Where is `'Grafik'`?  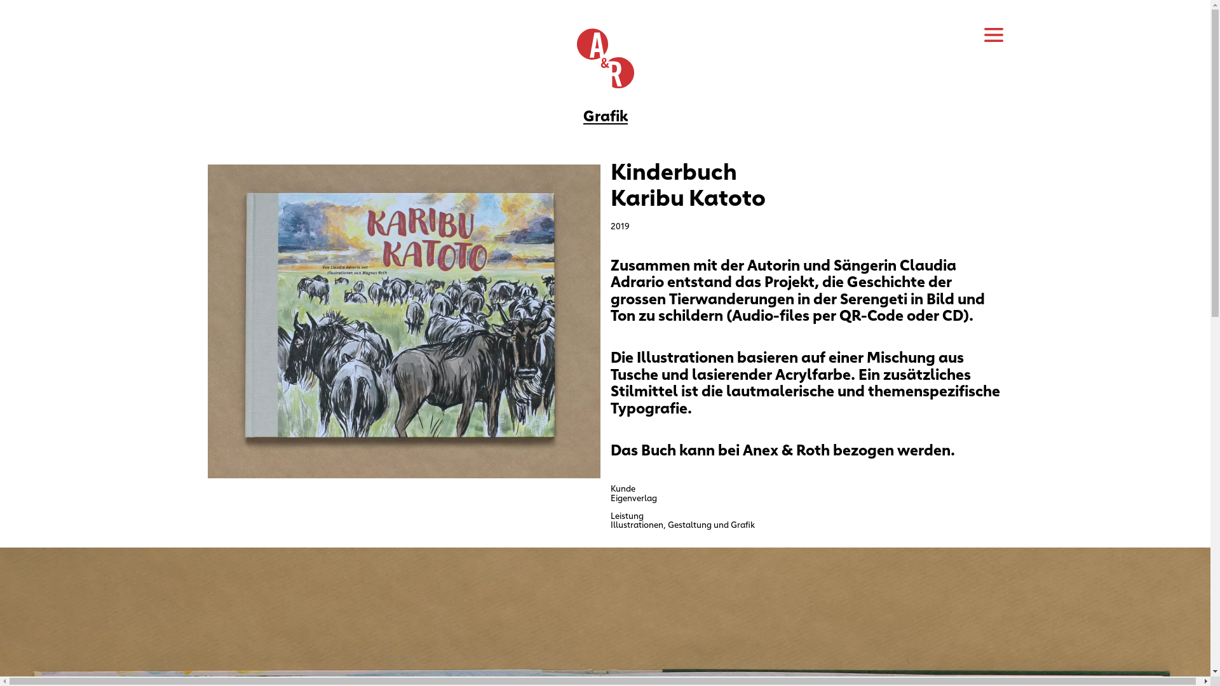
'Grafik' is located at coordinates (605, 114).